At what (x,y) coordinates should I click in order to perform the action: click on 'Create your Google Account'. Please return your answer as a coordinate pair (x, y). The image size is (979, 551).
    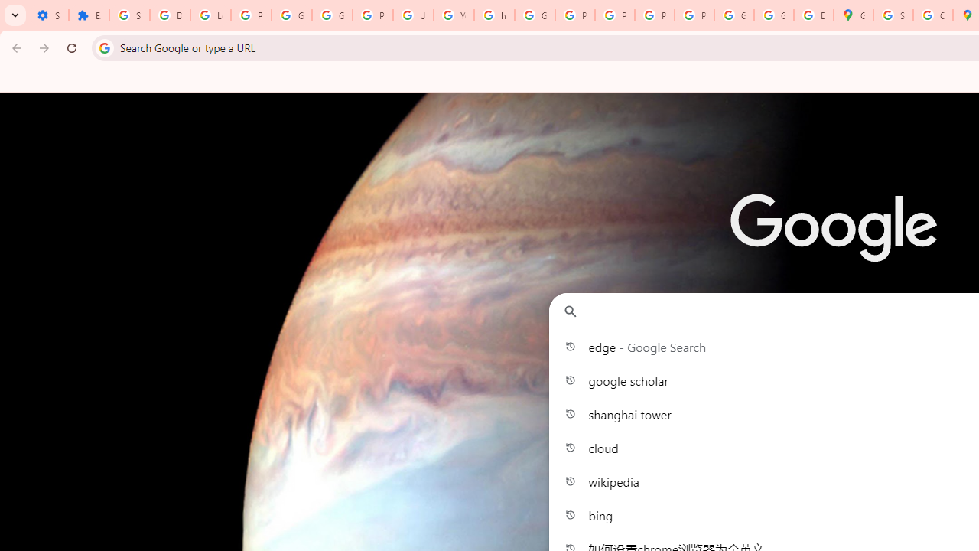
    Looking at the image, I should click on (932, 15).